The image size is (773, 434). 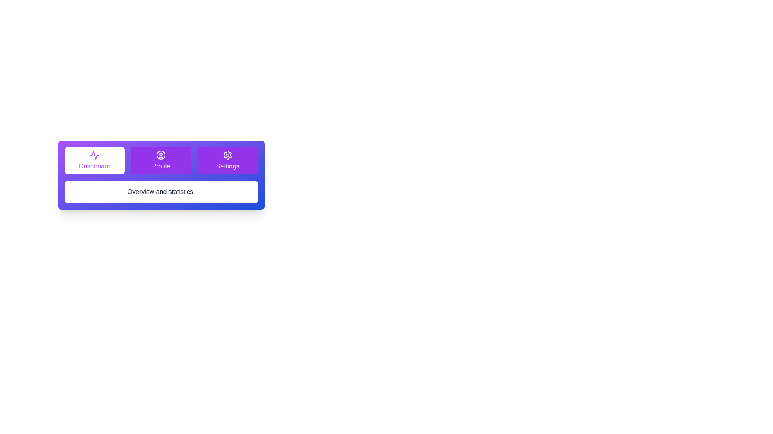 I want to click on the tab labeled Settings, so click(x=227, y=161).